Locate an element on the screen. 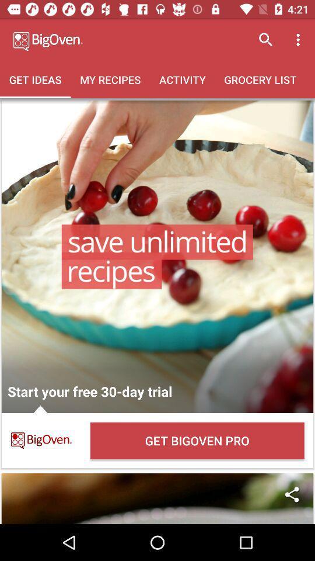 This screenshot has width=315, height=561. icon above grocery list icon is located at coordinates (265, 40).